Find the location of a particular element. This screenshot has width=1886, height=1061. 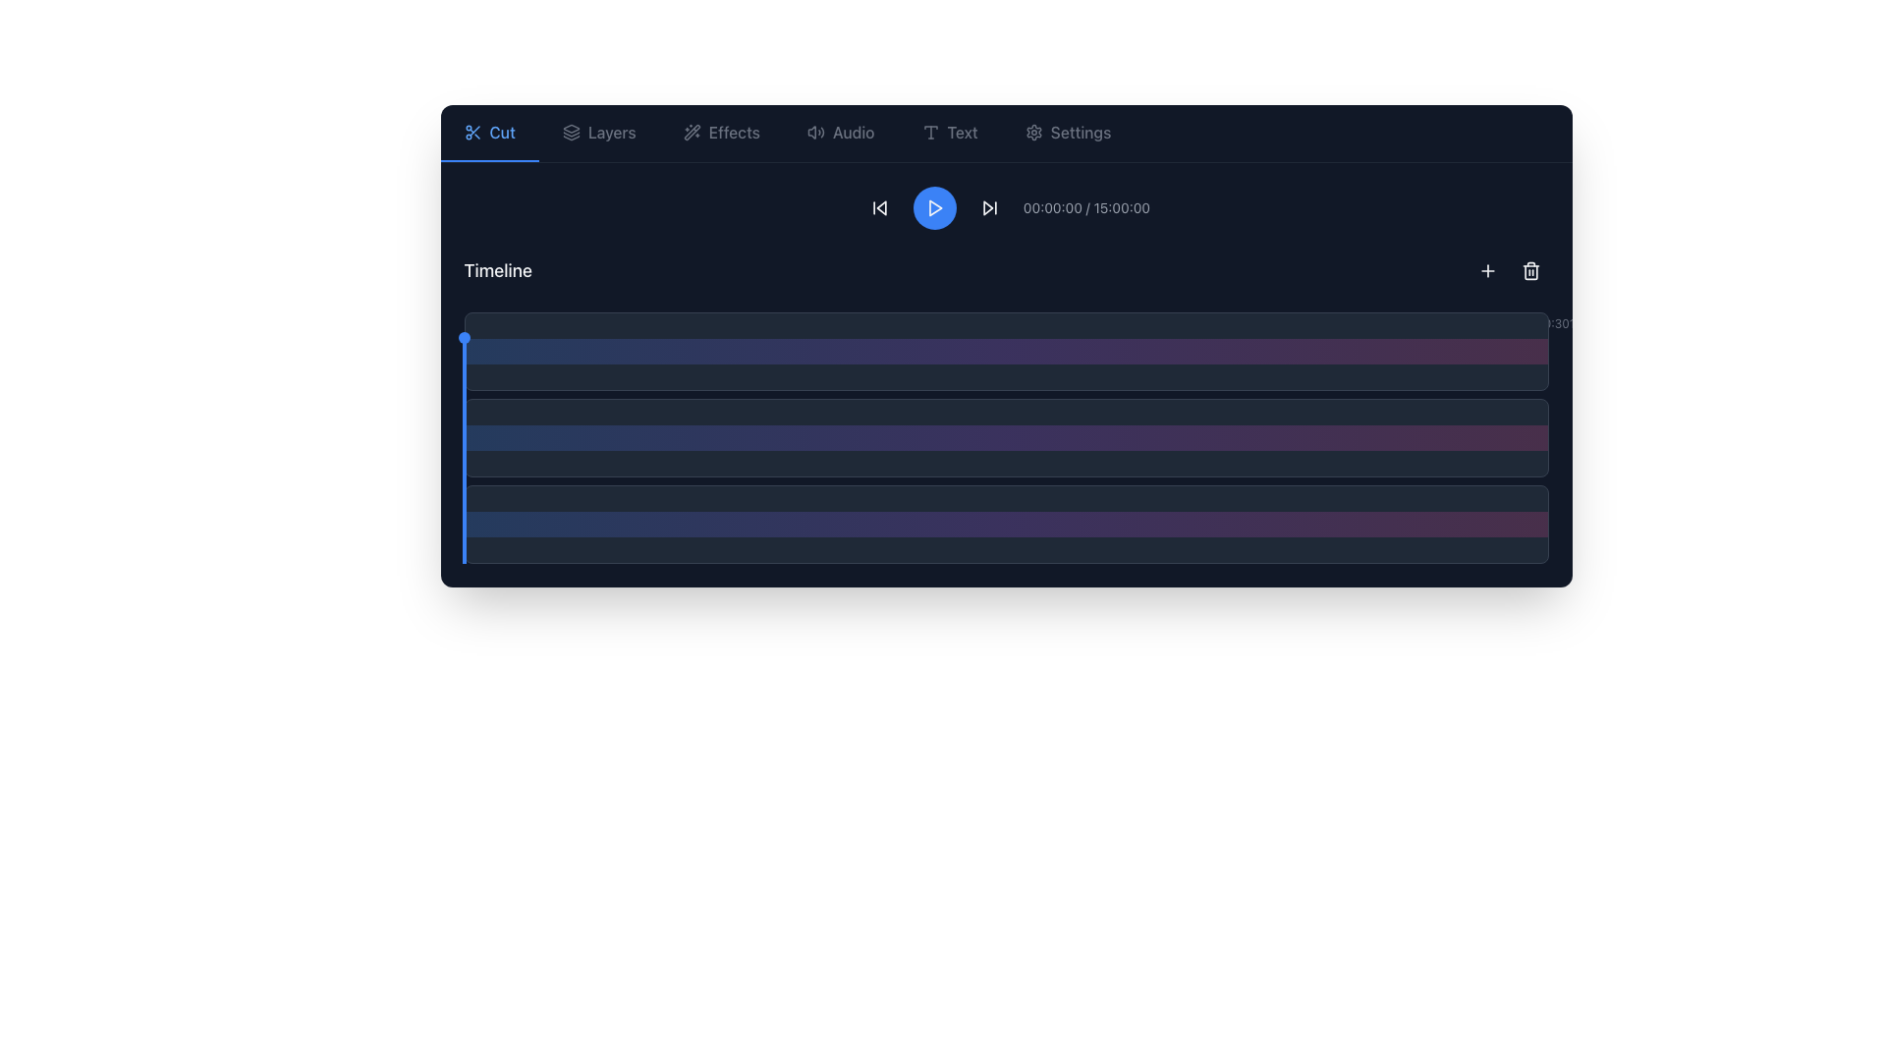

the 'Settings' button located in the top navigation bar, which features a gear icon and is the last option in the series of navigation items is located at coordinates (1067, 133).